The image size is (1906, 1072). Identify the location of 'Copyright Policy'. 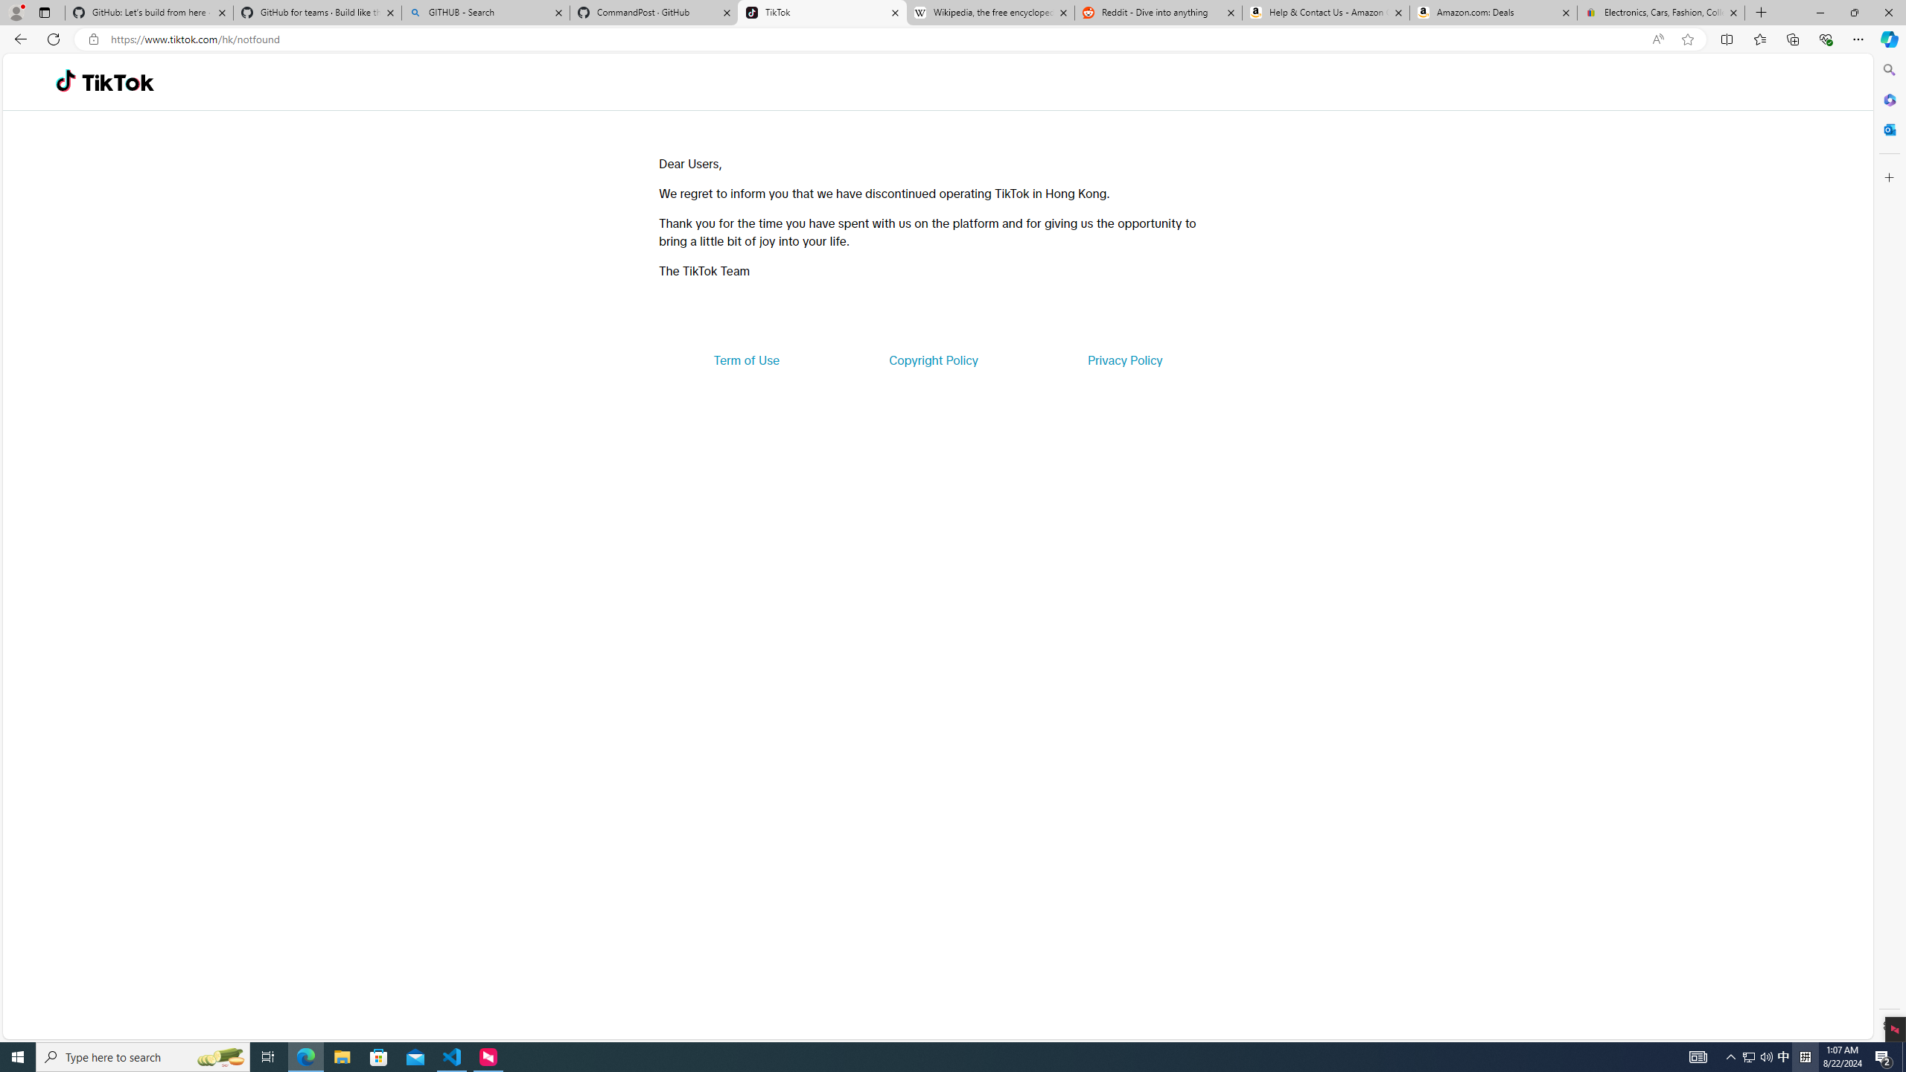
(932, 359).